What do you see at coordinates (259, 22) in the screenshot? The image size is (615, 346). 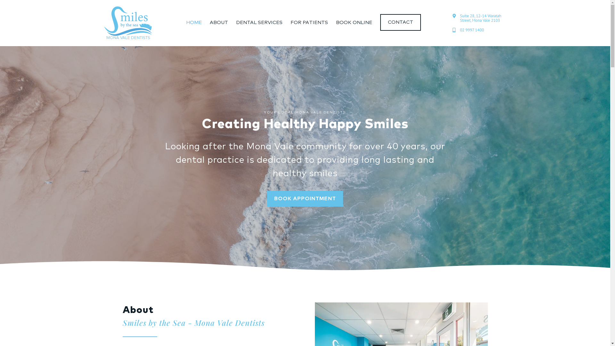 I see `'DENTAL SERVICES'` at bounding box center [259, 22].